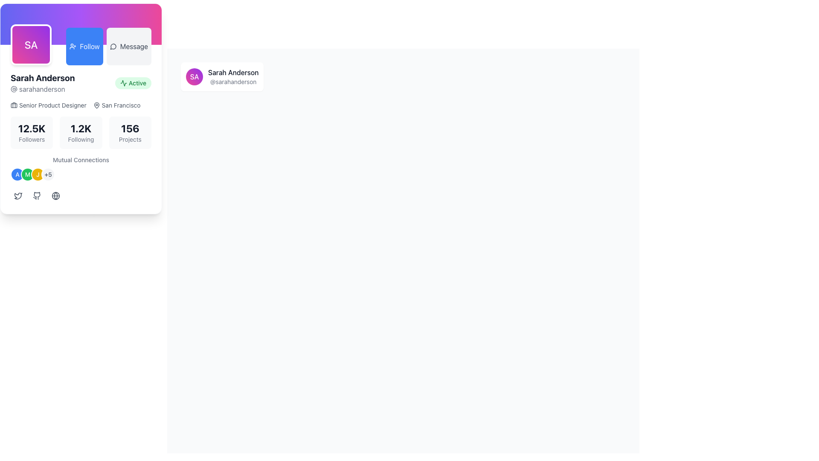  I want to click on the small grayish Twitter logo icon, which is a minimalistic line art design of a bird in flight, located near the bottom of the user information card, so click(18, 196).